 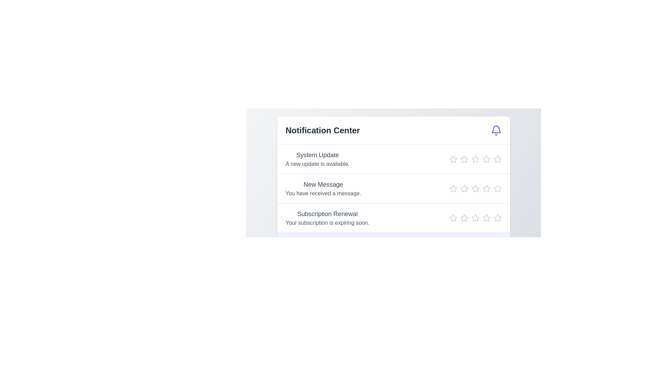 What do you see at coordinates (475, 159) in the screenshot?
I see `the star icon corresponding to 3 stars in the Notification Center` at bounding box center [475, 159].